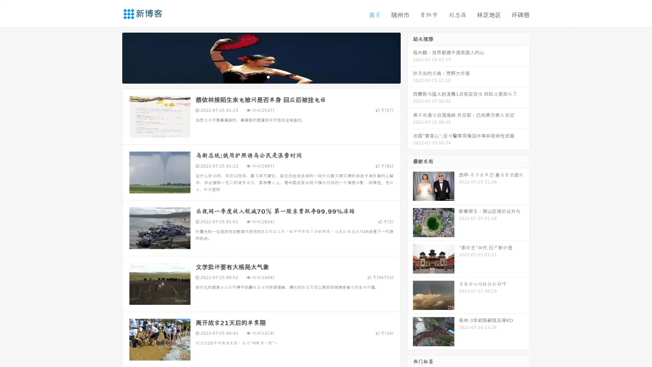 This screenshot has height=367, width=652. Describe the element at coordinates (261, 76) in the screenshot. I see `Go to slide 2` at that location.